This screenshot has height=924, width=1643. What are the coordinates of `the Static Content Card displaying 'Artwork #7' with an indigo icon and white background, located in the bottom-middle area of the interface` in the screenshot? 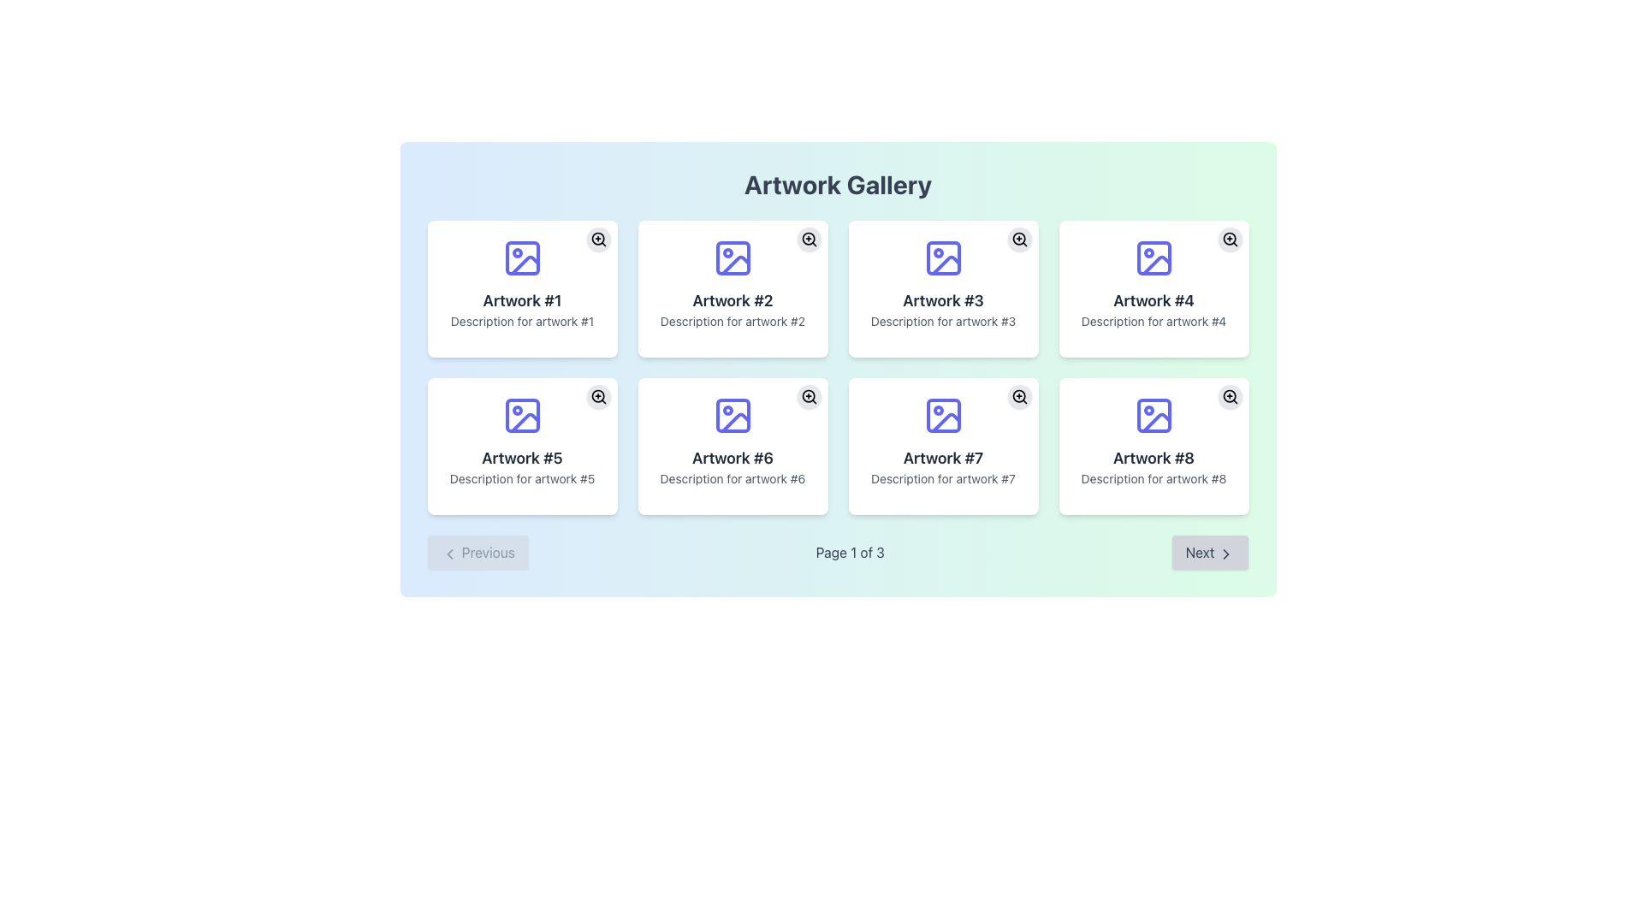 It's located at (942, 445).